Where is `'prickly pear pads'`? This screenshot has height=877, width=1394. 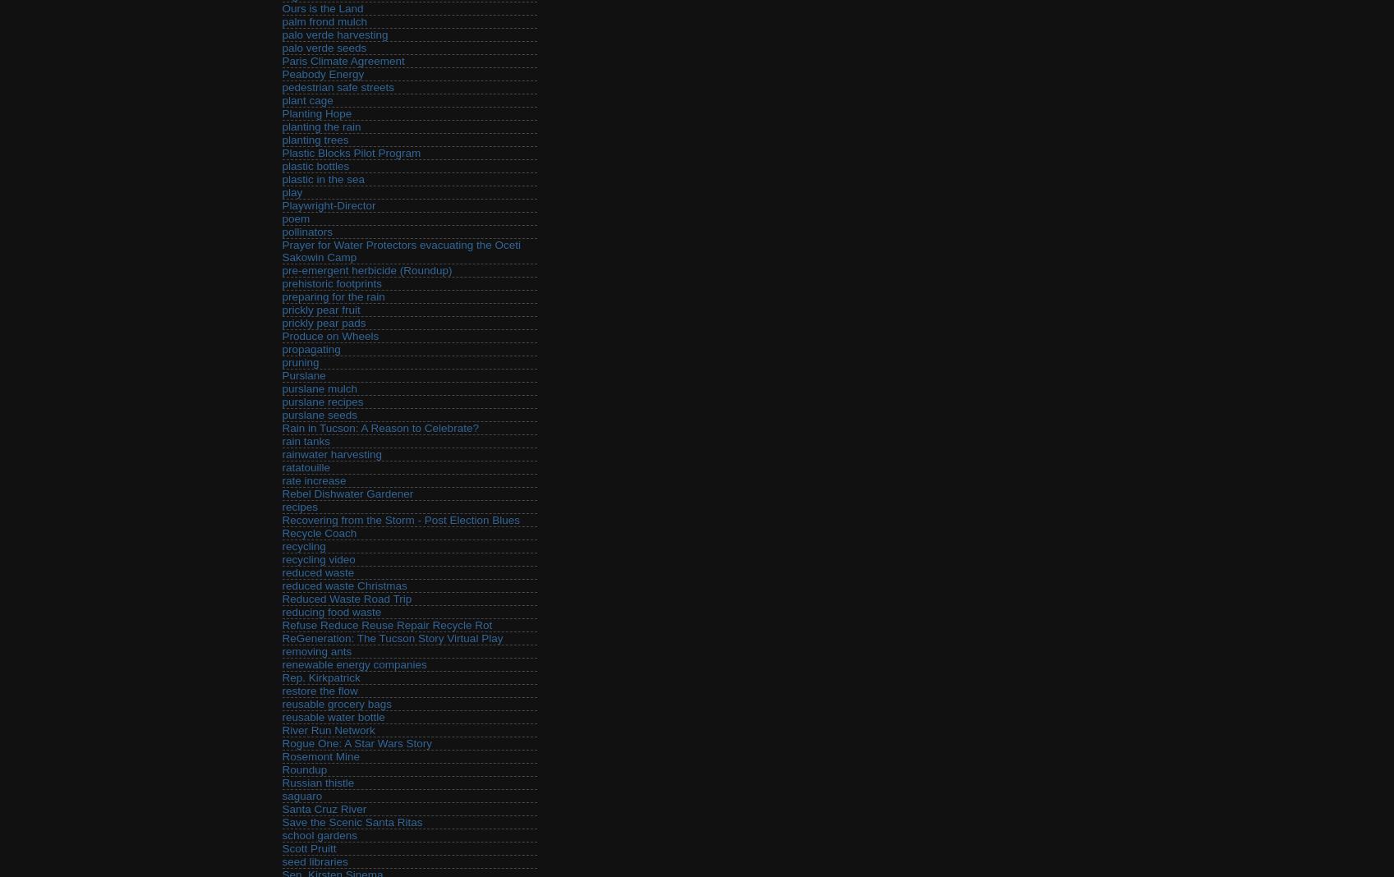
'prickly pear pads' is located at coordinates (323, 322).